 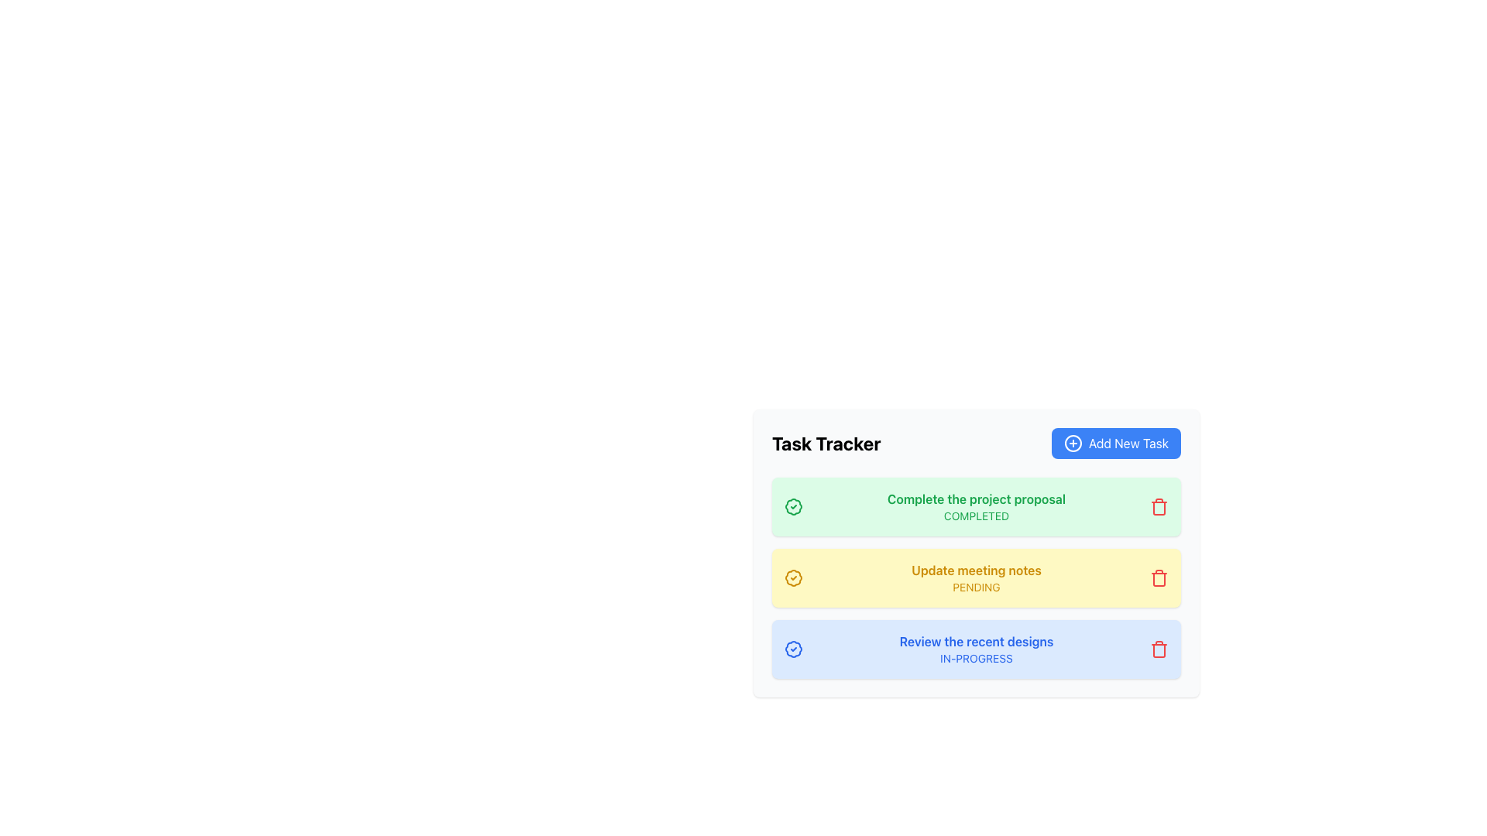 I want to click on the small green text label displaying 'COMPLETED' located within the green-highlighted rectangular area below the title 'Complete the project proposal', so click(x=976, y=516).